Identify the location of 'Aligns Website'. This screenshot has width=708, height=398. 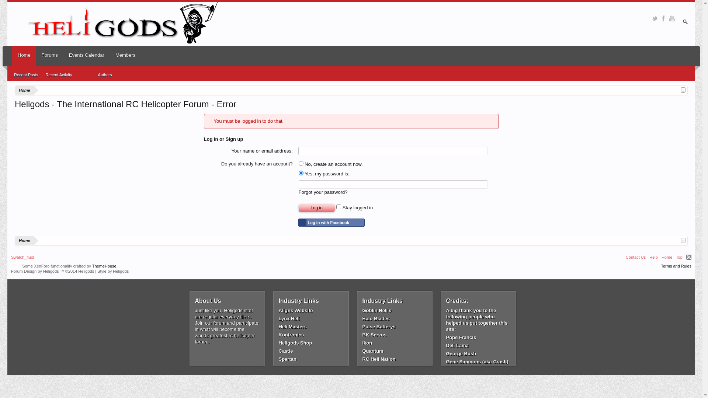
(311, 310).